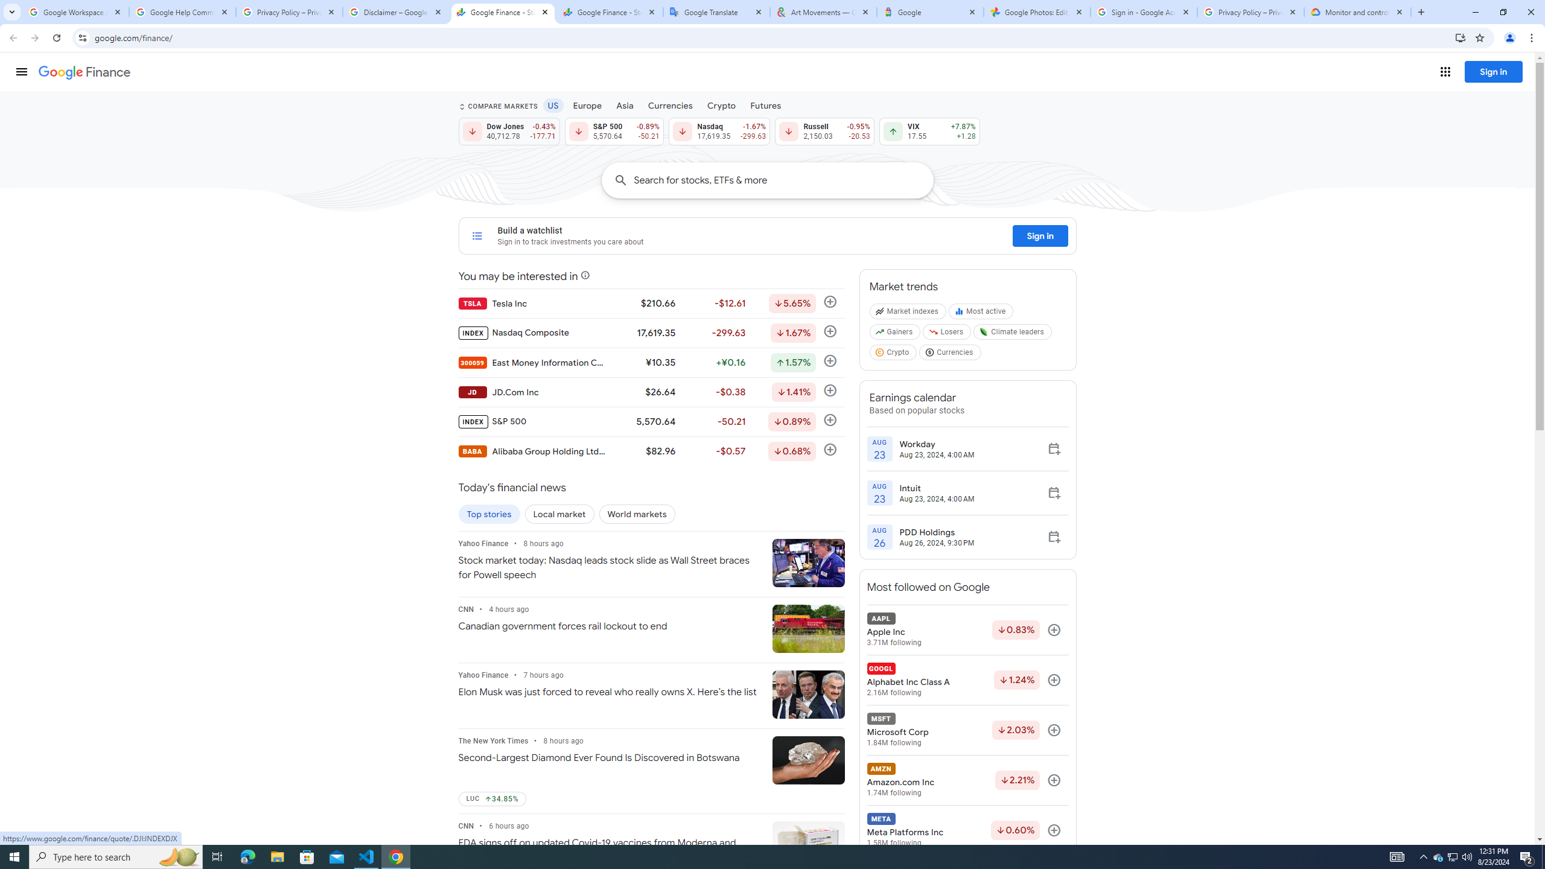  I want to click on 'LUC Up by 34.85%', so click(492, 799).